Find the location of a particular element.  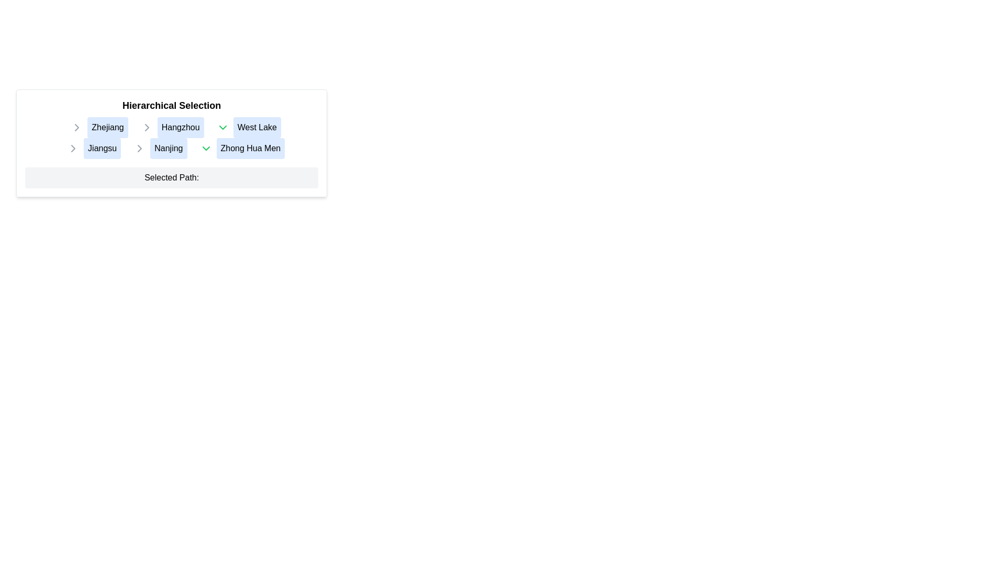

the selectable list item labeled 'Zhong Hua Men' which has a light blue background and a green downward chevron icon to its left, located on the second row beneath 'Nanjing' is located at coordinates (241, 149).